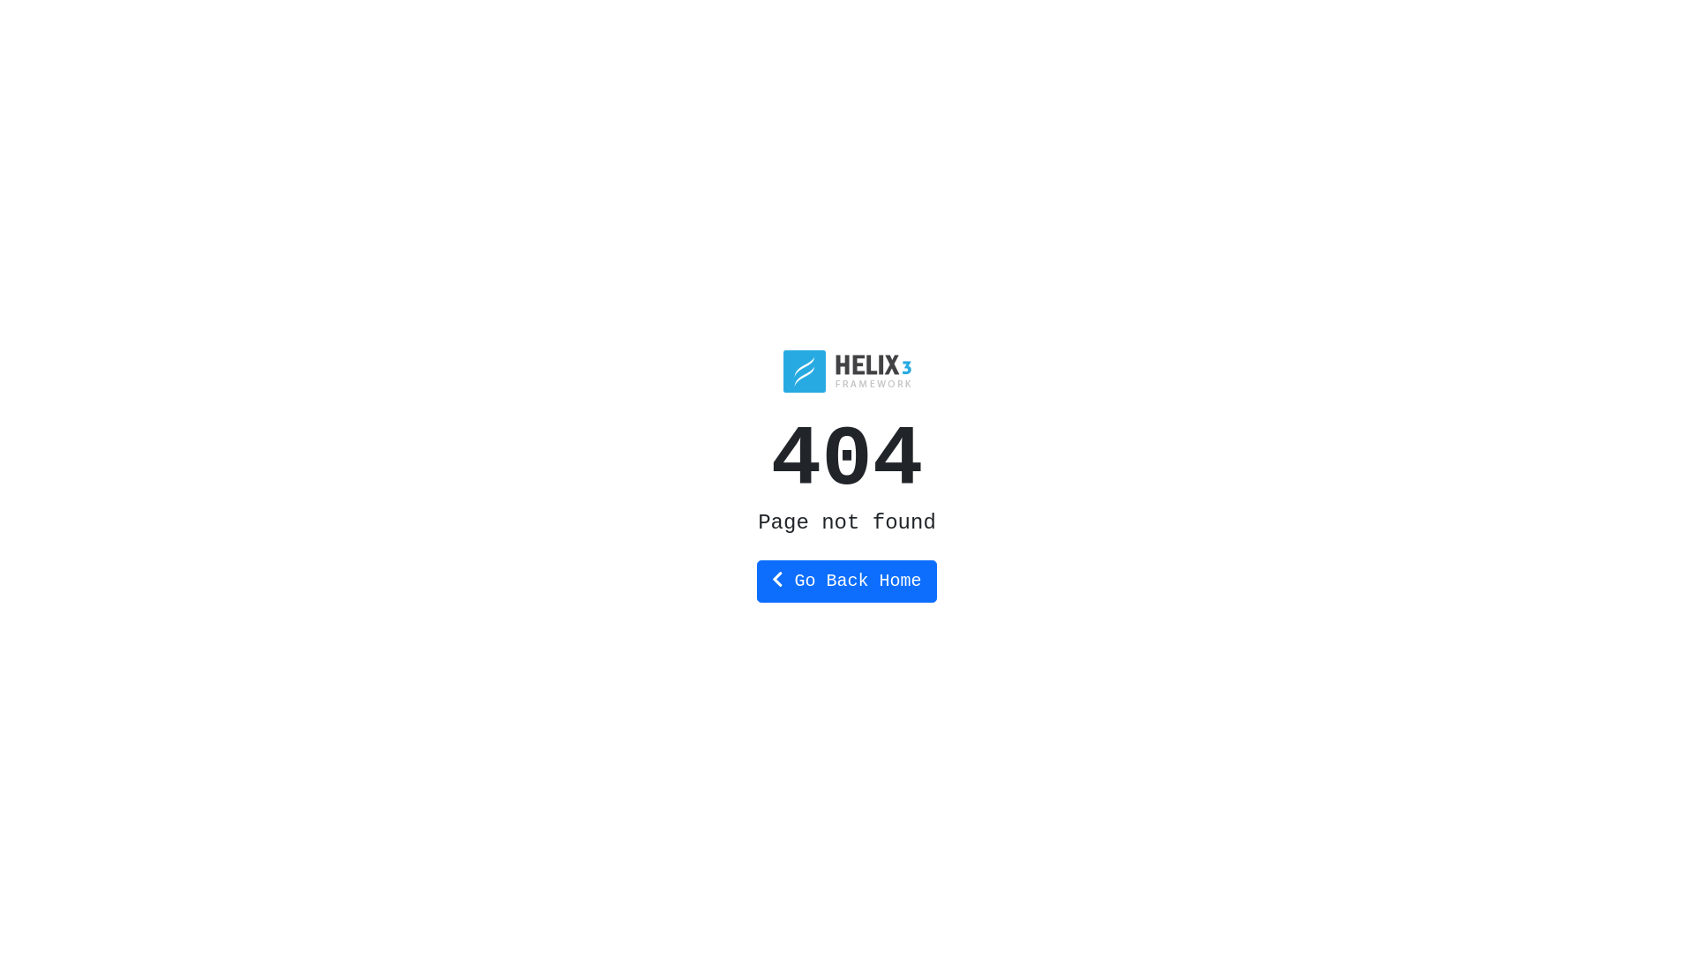 Image resolution: width=1694 pixels, height=953 pixels. I want to click on 'Go Back Home', so click(845, 582).